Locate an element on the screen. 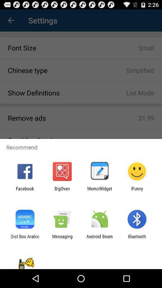 The height and width of the screenshot is (288, 162). icon next to the messaging icon is located at coordinates (25, 239).